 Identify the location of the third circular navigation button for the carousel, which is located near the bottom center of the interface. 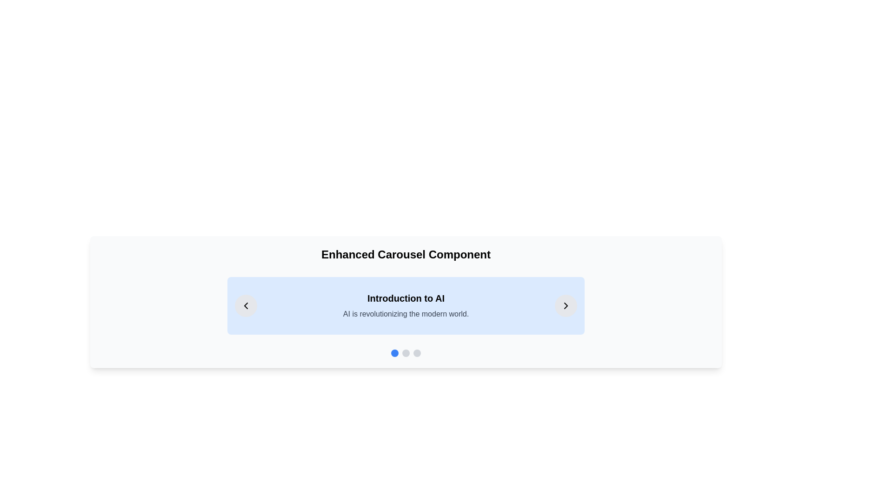
(417, 353).